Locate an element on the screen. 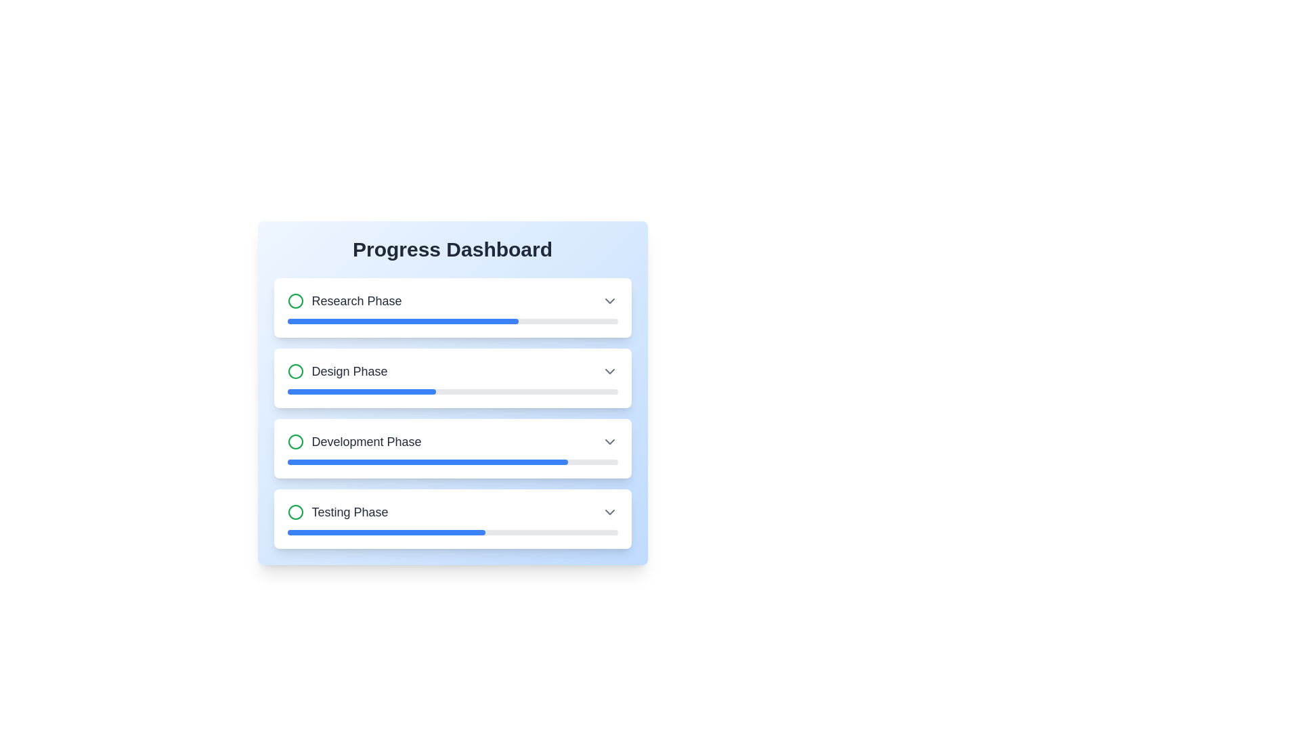 The image size is (1300, 731). green circular status marker located to the left of the 'Design Phase' label in the 'Progress Dashboard' for its properties is located at coordinates (295, 371).